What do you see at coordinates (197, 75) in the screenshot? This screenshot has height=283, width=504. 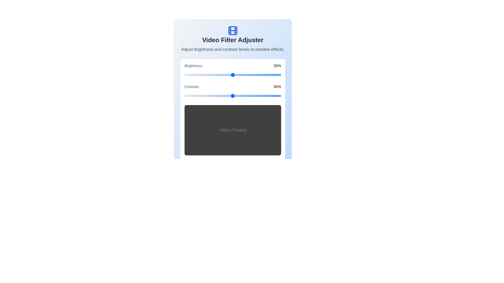 I see `the brightness slider to 13%` at bounding box center [197, 75].